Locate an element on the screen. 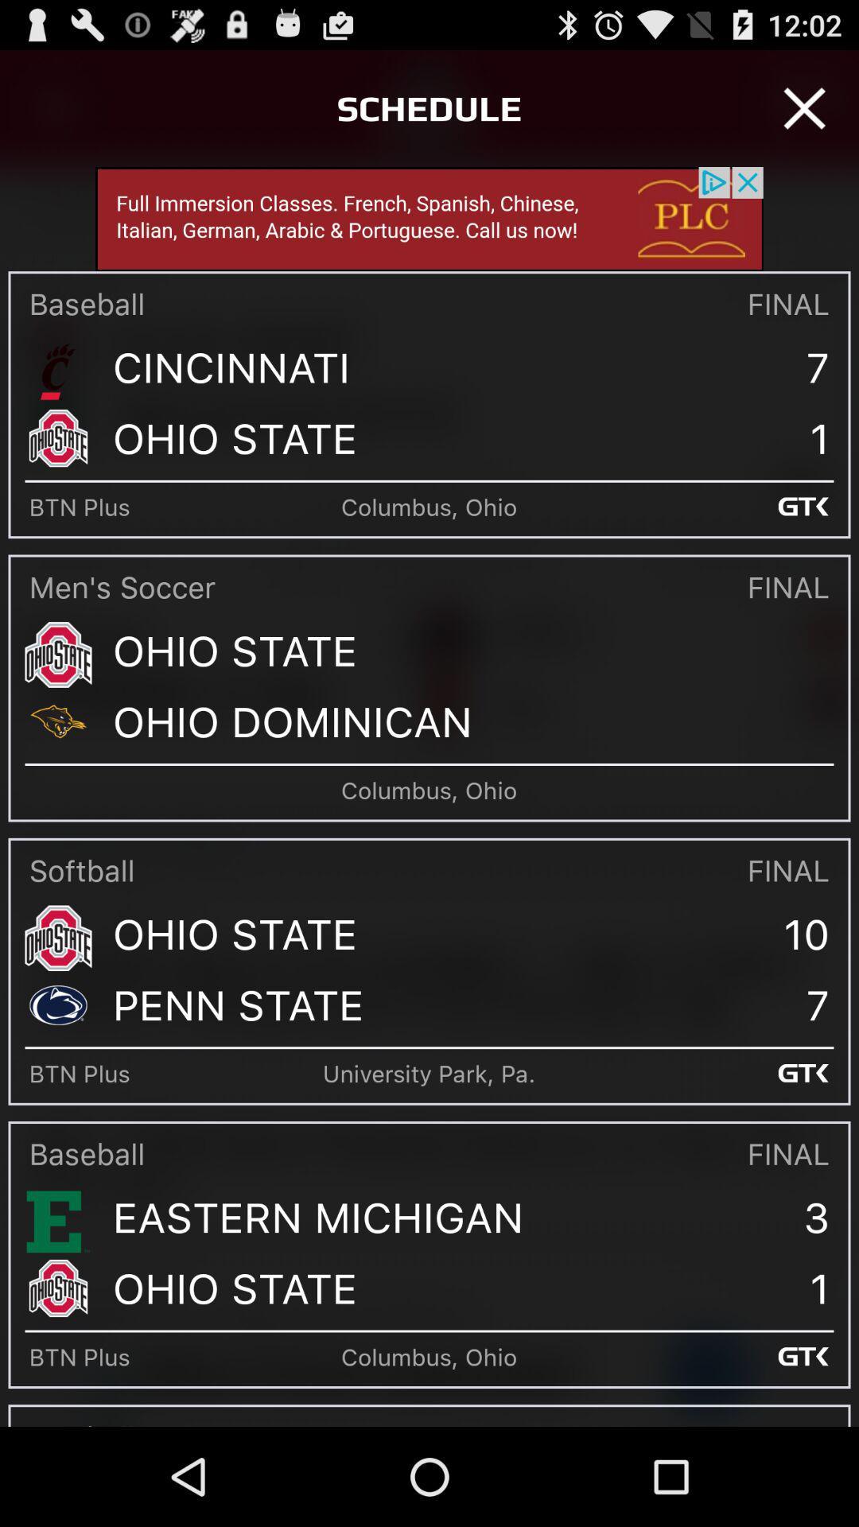 The height and width of the screenshot is (1527, 859). the close icon is located at coordinates (804, 115).